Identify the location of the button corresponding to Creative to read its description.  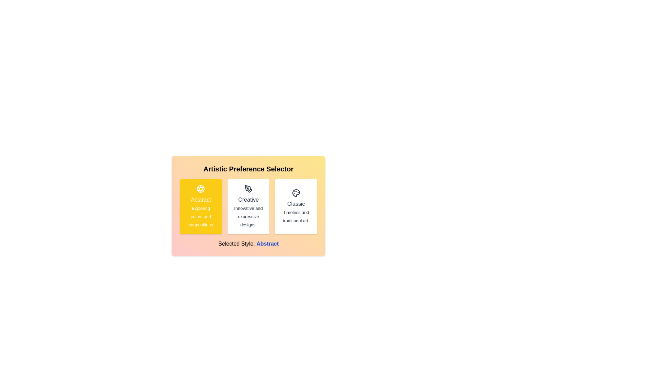
(248, 206).